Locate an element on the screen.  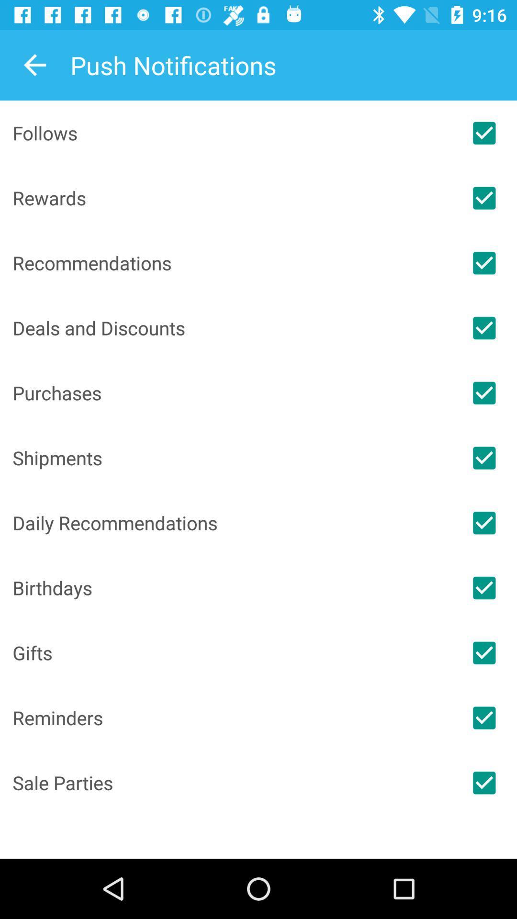
the item above recommendations is located at coordinates (232, 197).